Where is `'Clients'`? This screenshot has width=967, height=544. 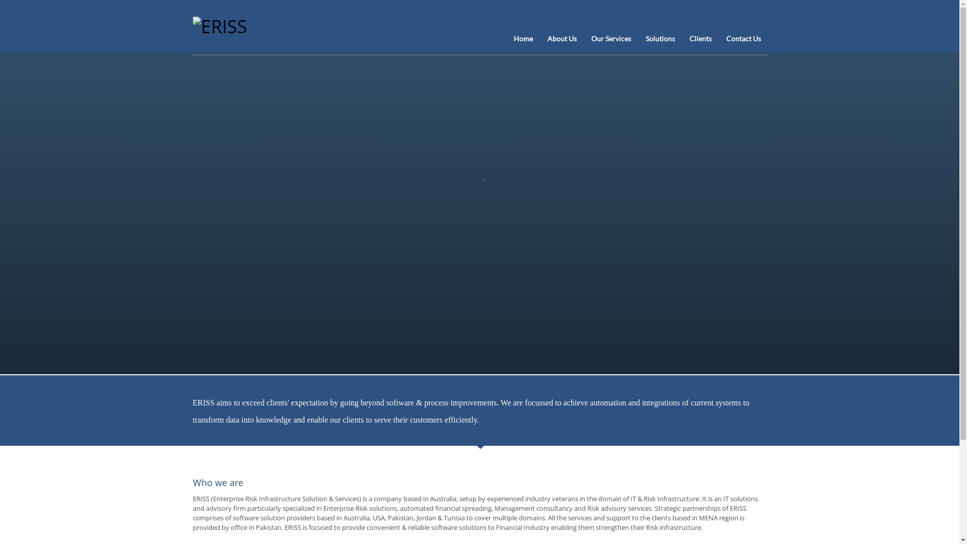
'Clients' is located at coordinates (683, 38).